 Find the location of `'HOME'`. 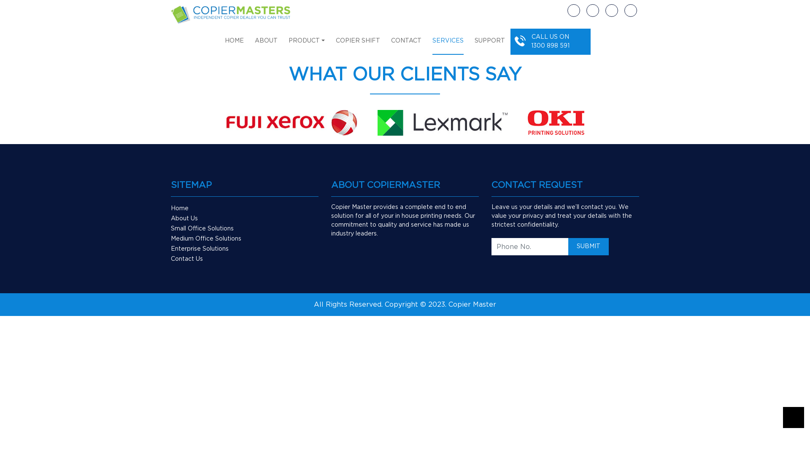

'HOME' is located at coordinates (224, 45).